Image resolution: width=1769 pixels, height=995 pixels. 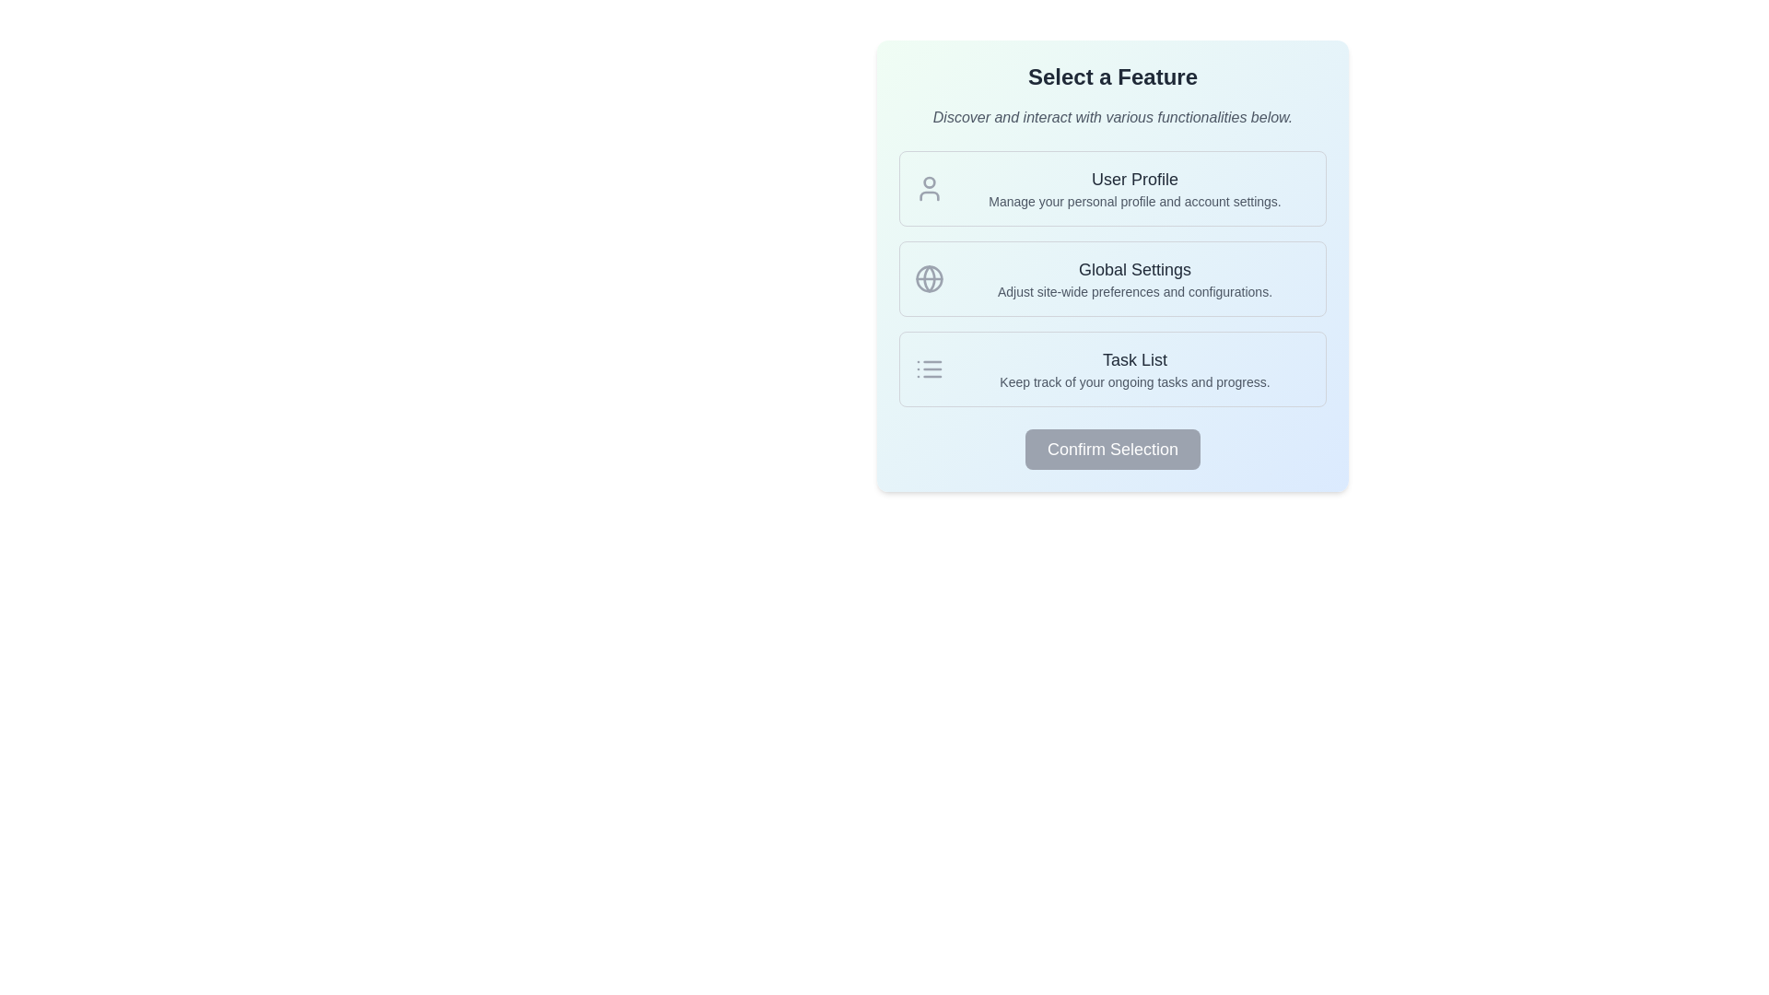 What do you see at coordinates (1112, 450) in the screenshot?
I see `the disabled confirmation button located at the bottom of the interface section, which is centered horizontally and below the 'Select a Feature' options` at bounding box center [1112, 450].